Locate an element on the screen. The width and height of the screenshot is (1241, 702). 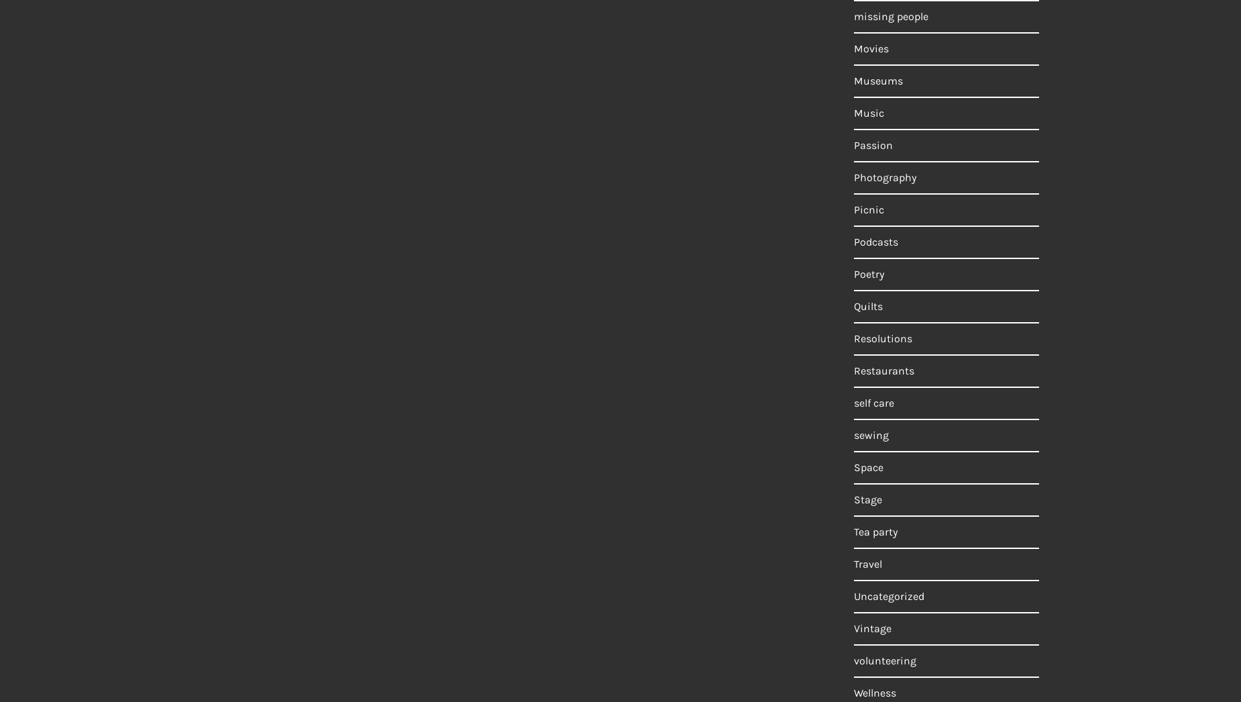
'volunteering' is located at coordinates (884, 660).